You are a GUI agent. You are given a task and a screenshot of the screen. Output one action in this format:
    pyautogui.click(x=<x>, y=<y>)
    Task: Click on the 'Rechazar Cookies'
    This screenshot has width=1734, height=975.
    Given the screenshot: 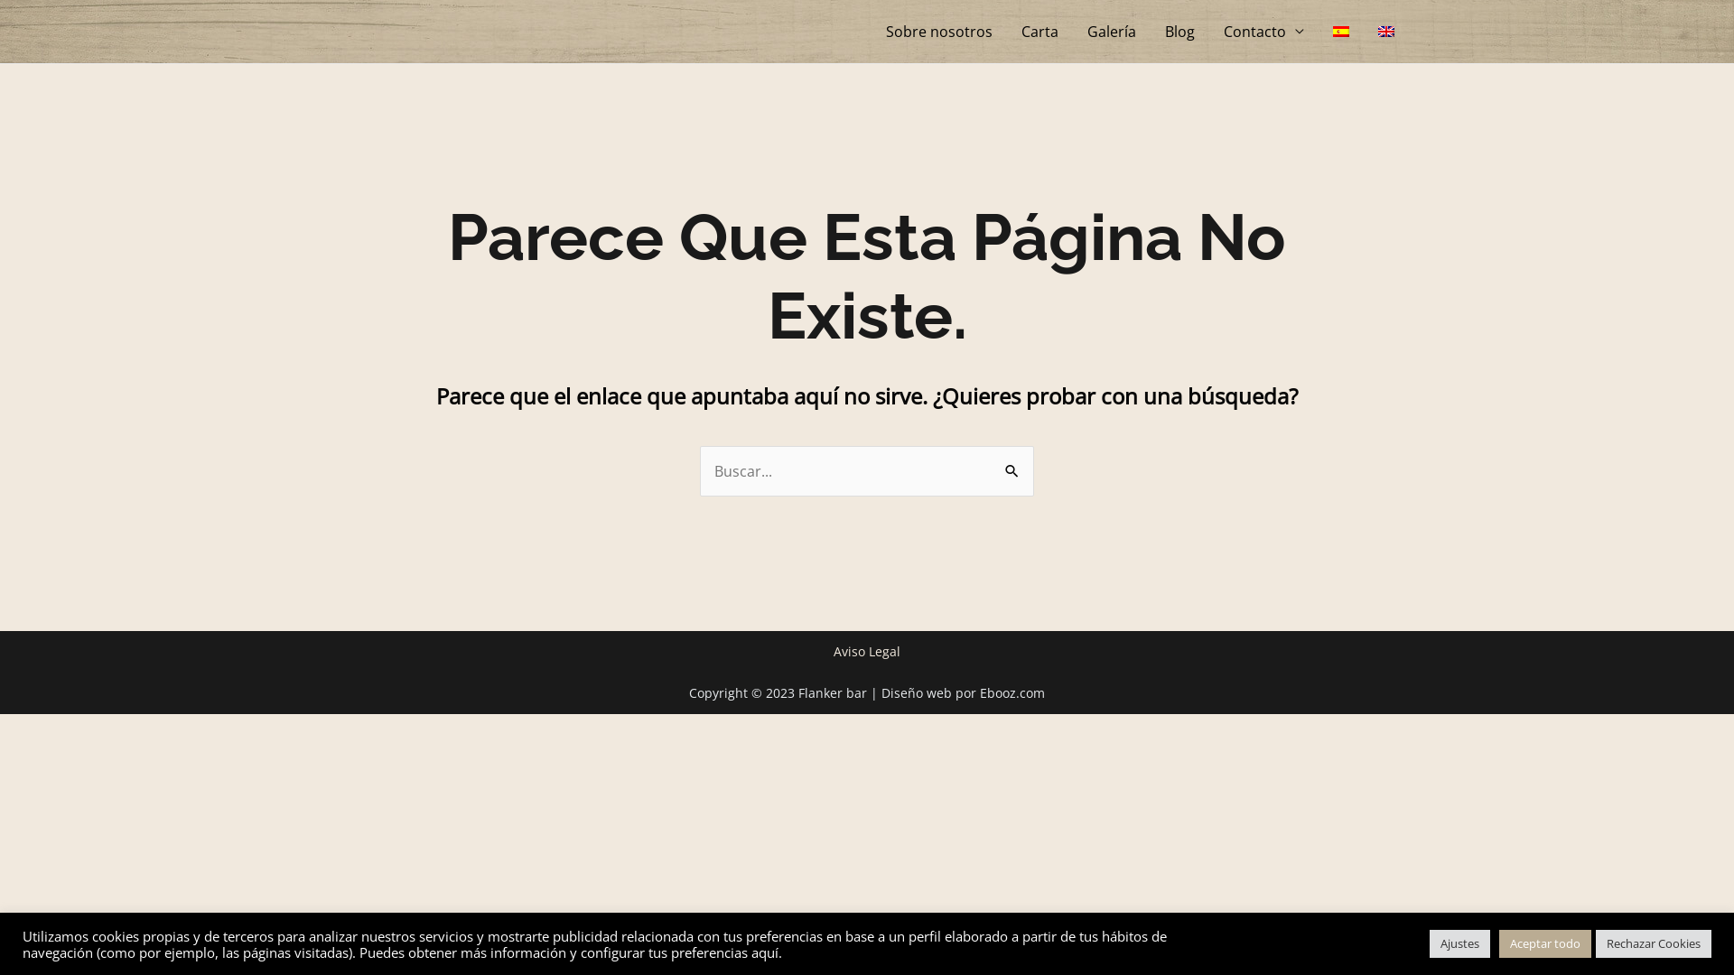 What is the action you would take?
    pyautogui.click(x=1653, y=942)
    